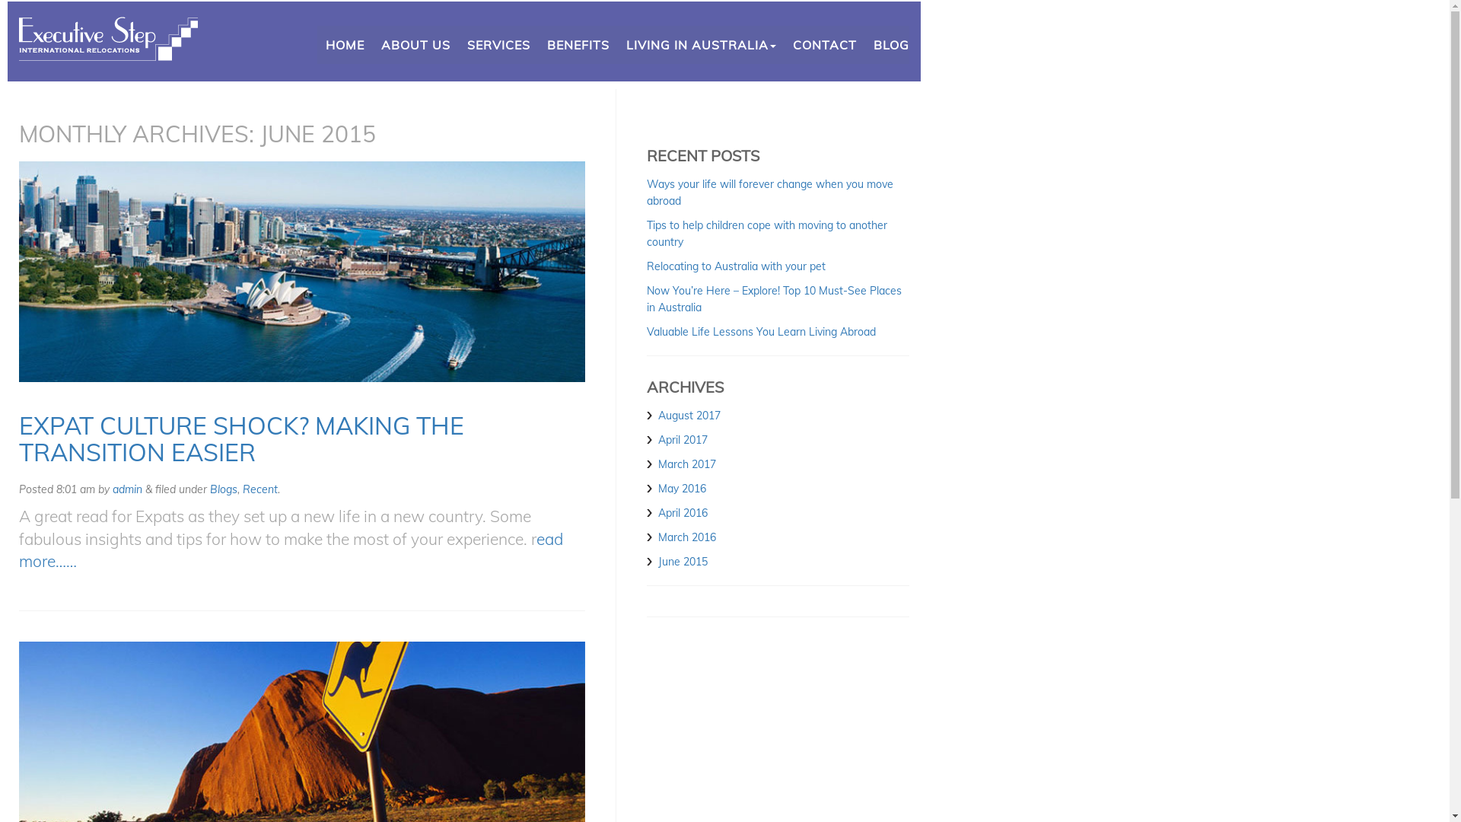 The width and height of the screenshot is (1461, 822). I want to click on 'May 2016', so click(657, 488).